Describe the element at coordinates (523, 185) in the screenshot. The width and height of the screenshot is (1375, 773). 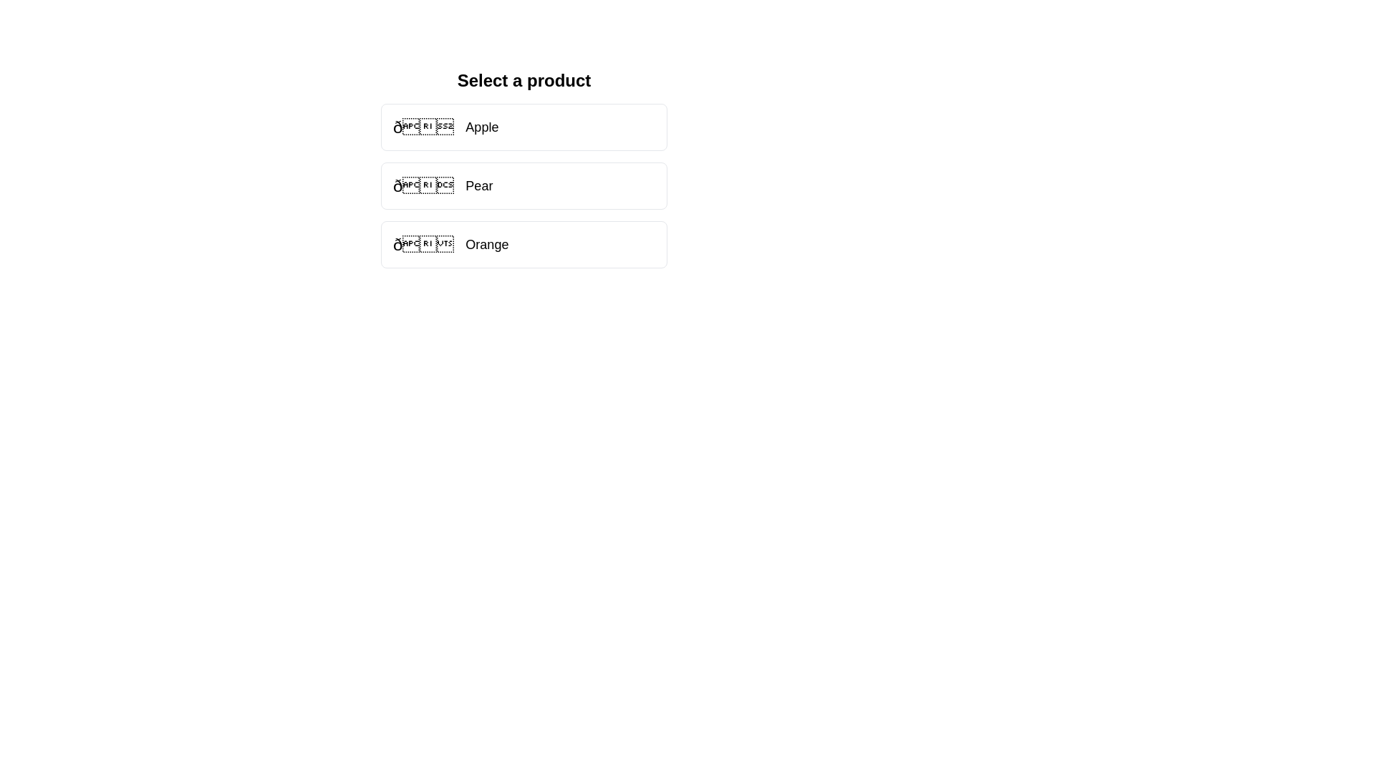
I see `the second list item labeled 'Pear'` at that location.